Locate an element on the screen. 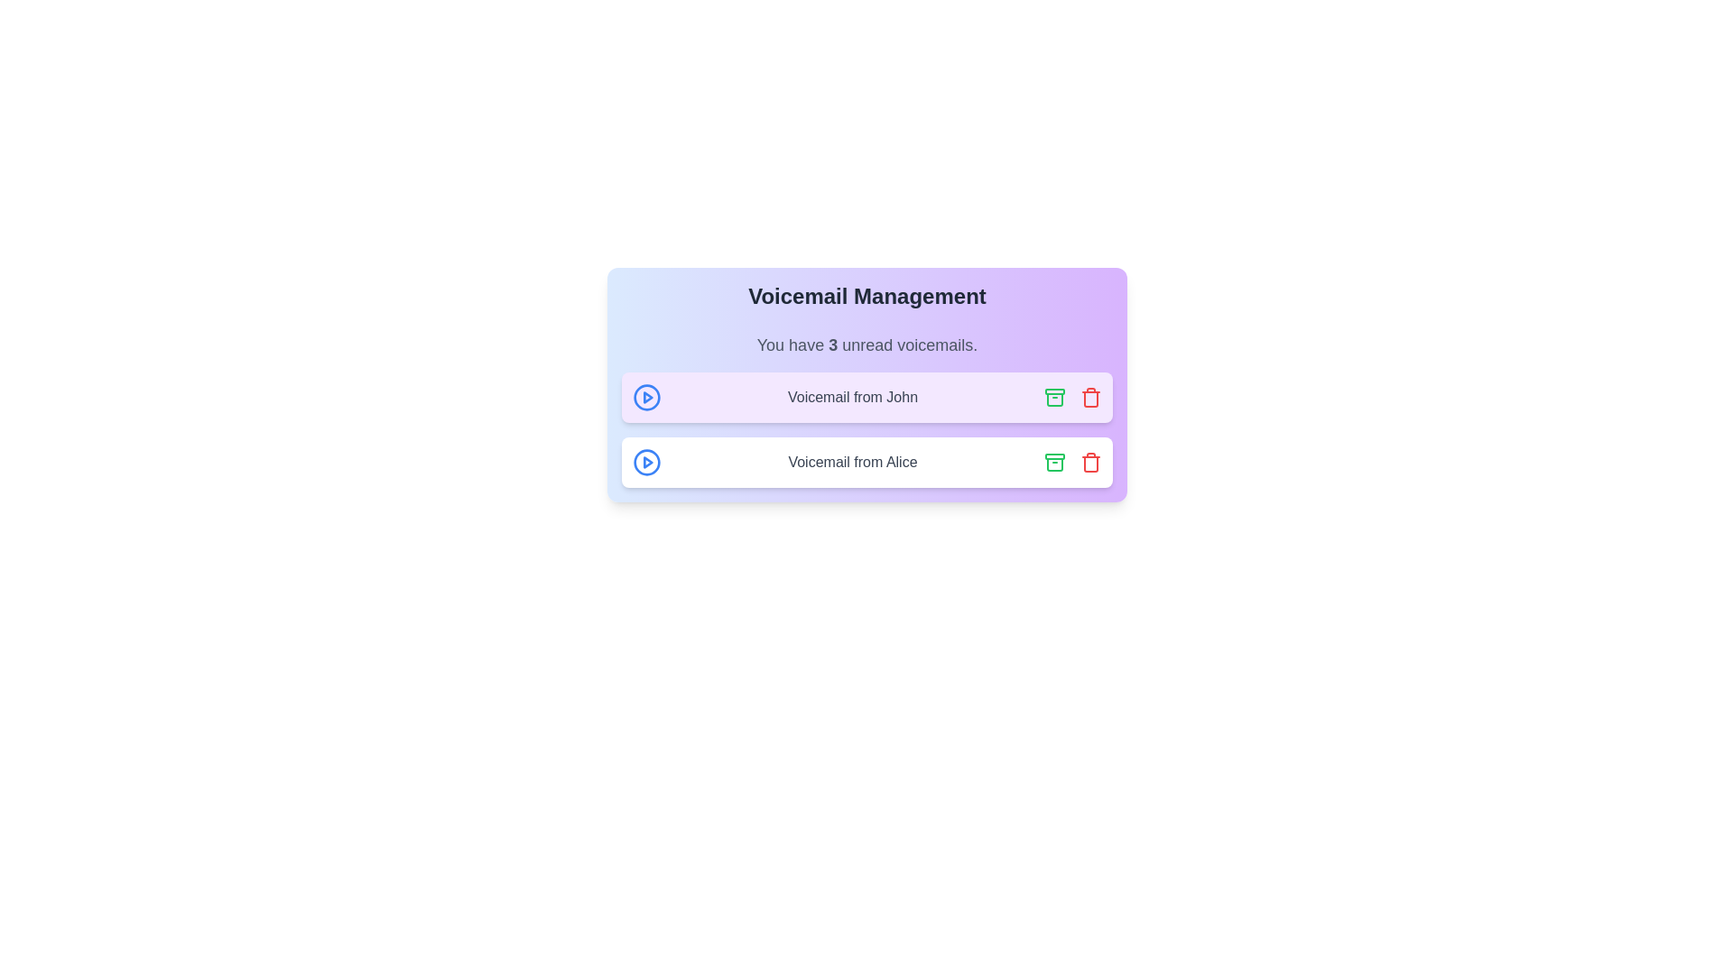 This screenshot has height=974, width=1733. the informational indicator displaying the count of unread voicemails, located between the words 'have' and 'unread' in the text 'You have 3 unread voicemails.' is located at coordinates (832, 345).